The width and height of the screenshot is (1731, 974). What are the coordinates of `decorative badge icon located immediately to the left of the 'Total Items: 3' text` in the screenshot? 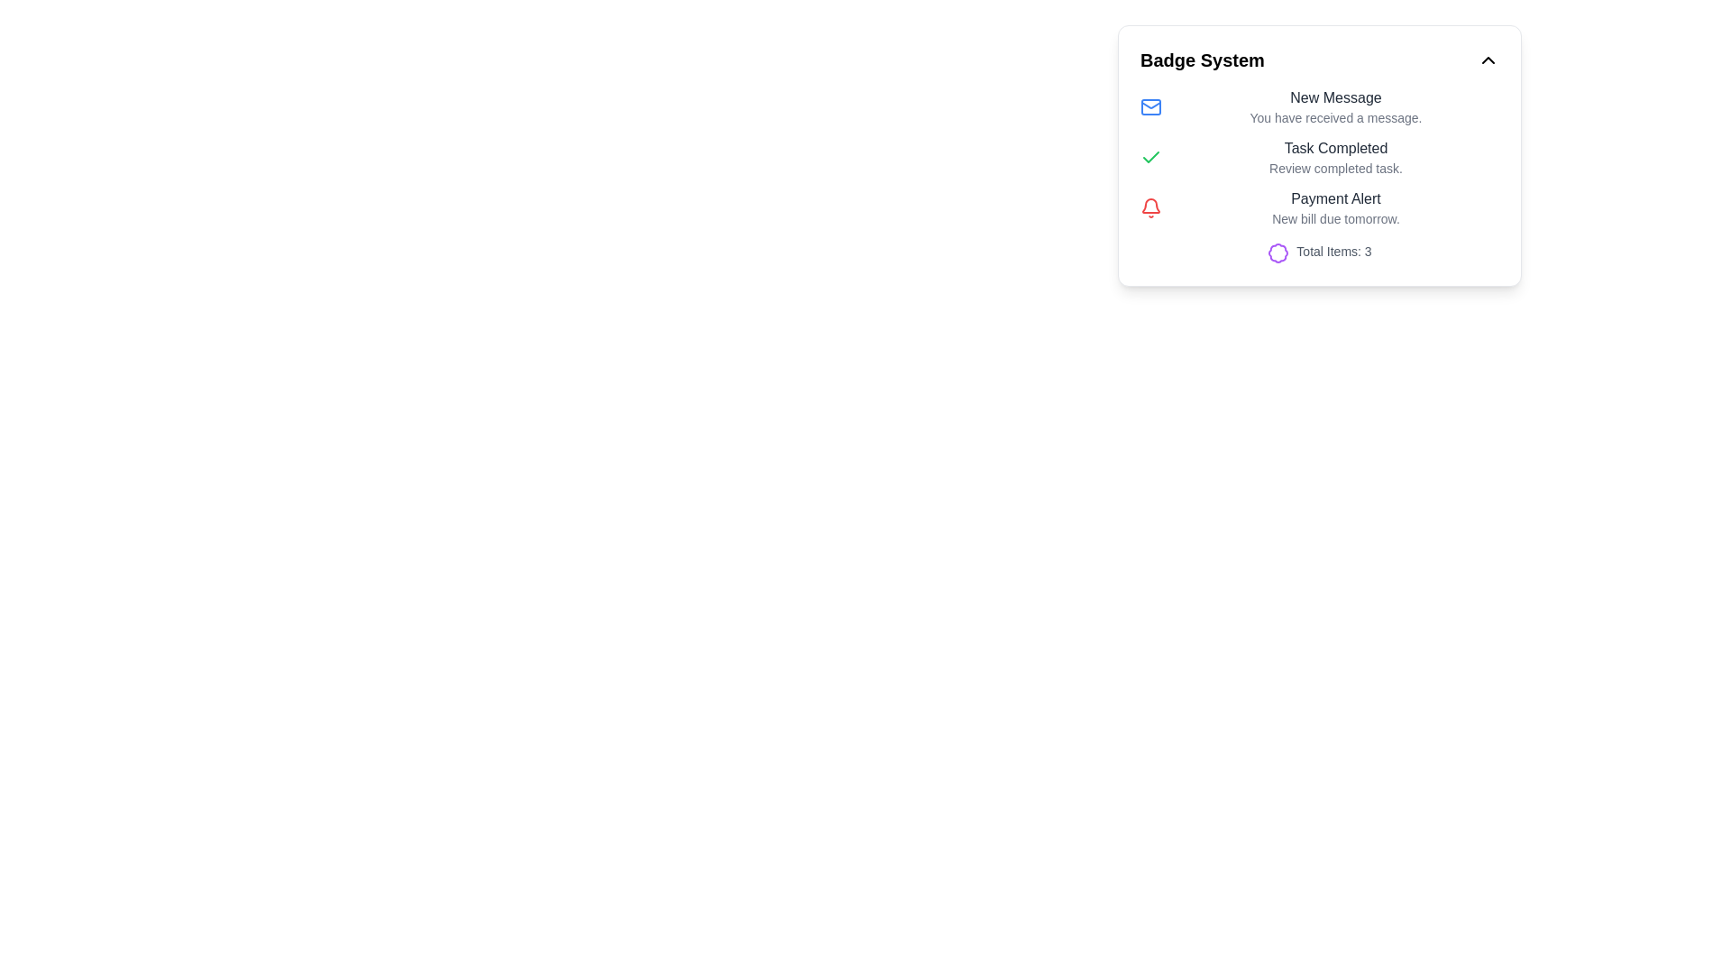 It's located at (1278, 253).